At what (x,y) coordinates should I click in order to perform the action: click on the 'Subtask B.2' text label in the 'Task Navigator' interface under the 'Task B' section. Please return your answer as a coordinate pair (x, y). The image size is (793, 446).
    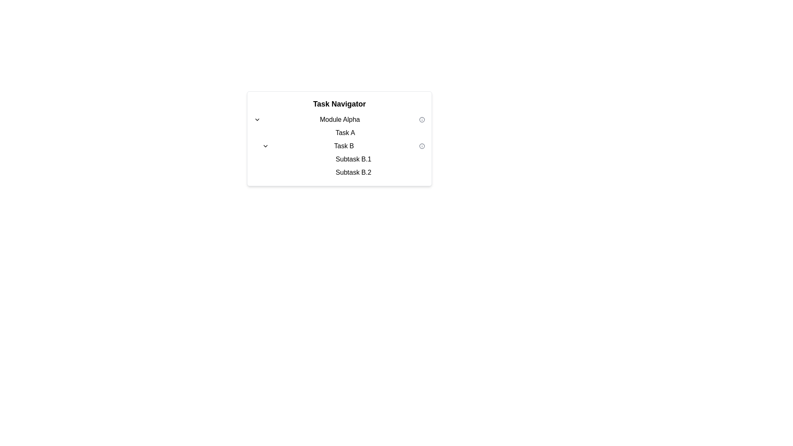
    Looking at the image, I should click on (353, 172).